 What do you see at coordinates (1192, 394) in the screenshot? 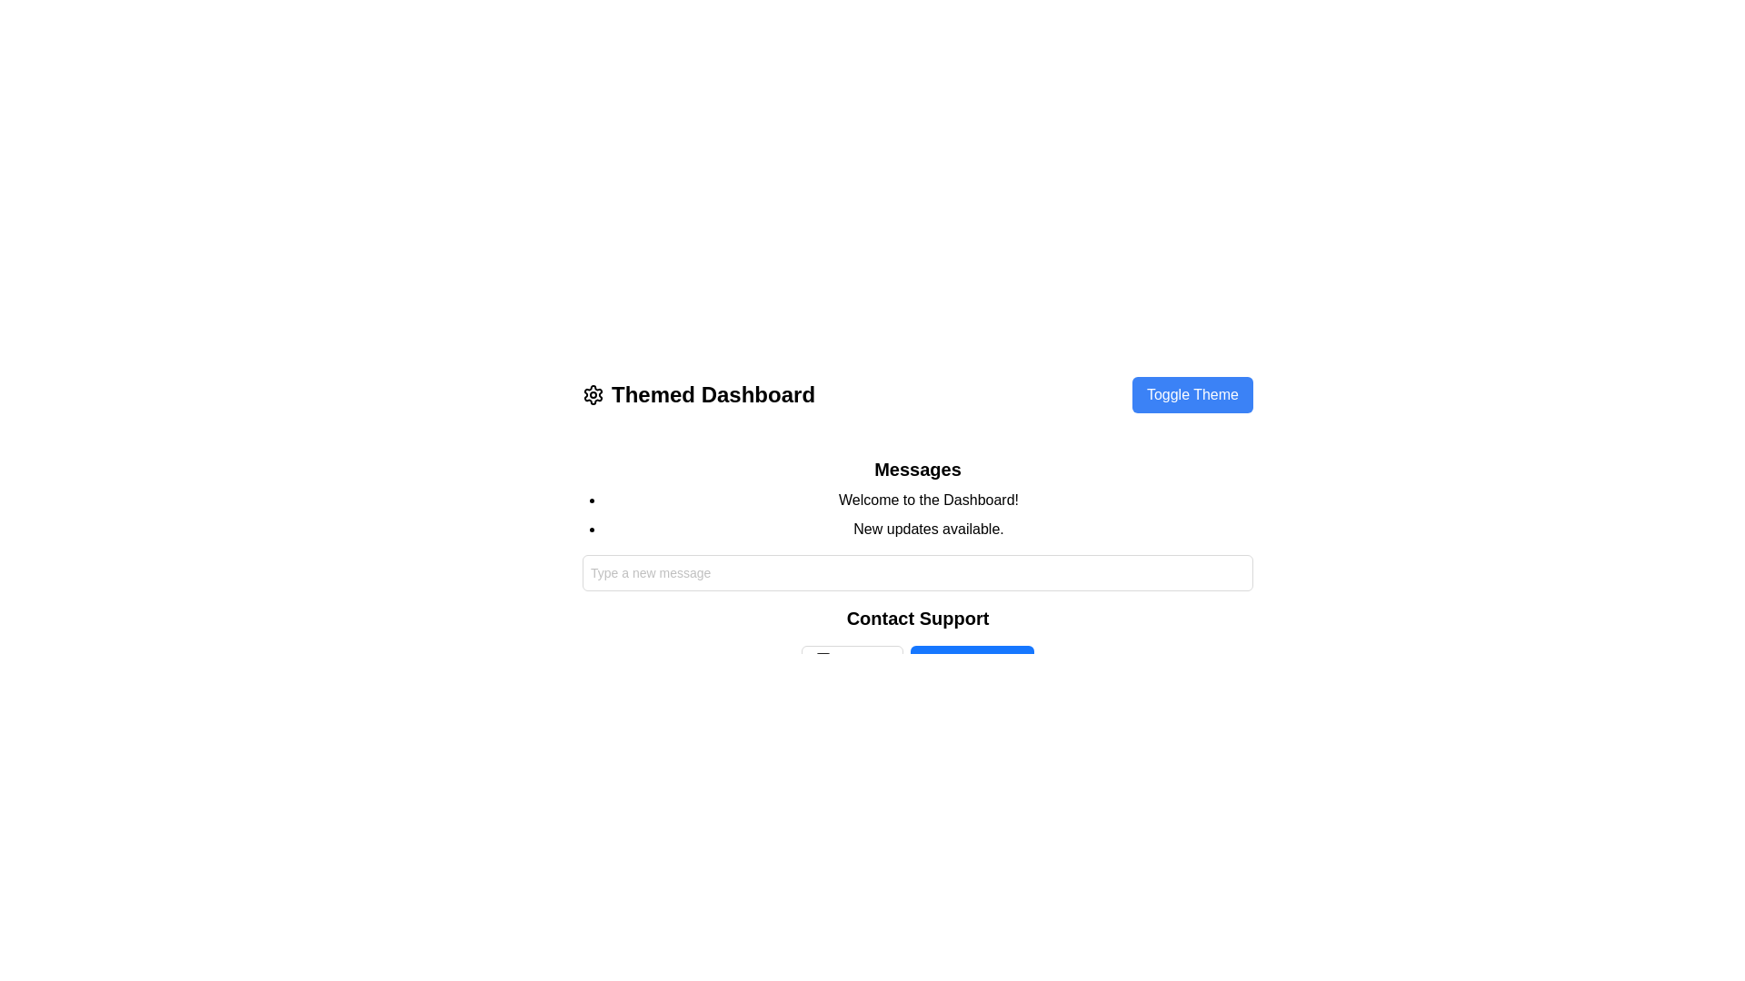
I see `keyboard navigation` at bounding box center [1192, 394].